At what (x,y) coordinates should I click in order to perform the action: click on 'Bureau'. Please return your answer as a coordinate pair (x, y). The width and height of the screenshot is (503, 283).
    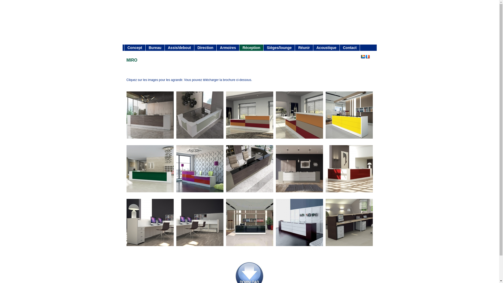
    Looking at the image, I should click on (154, 47).